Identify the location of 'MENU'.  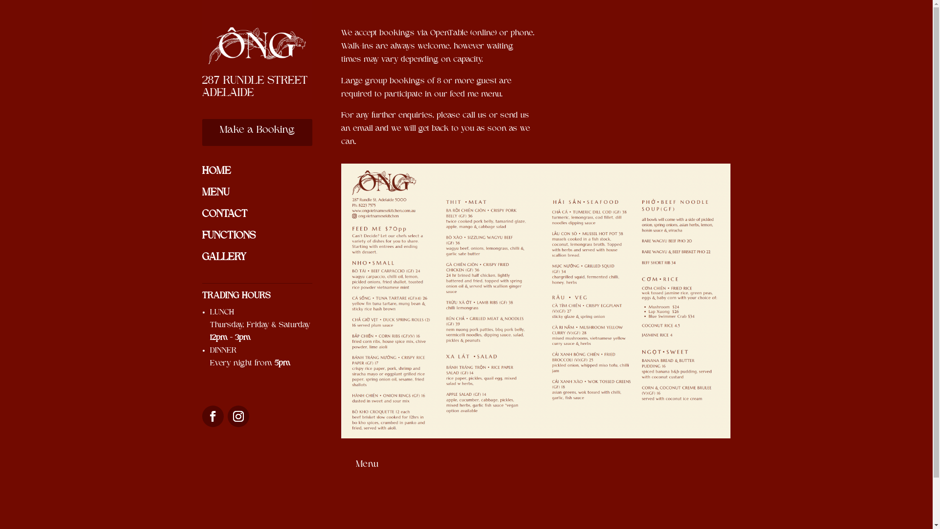
(201, 192).